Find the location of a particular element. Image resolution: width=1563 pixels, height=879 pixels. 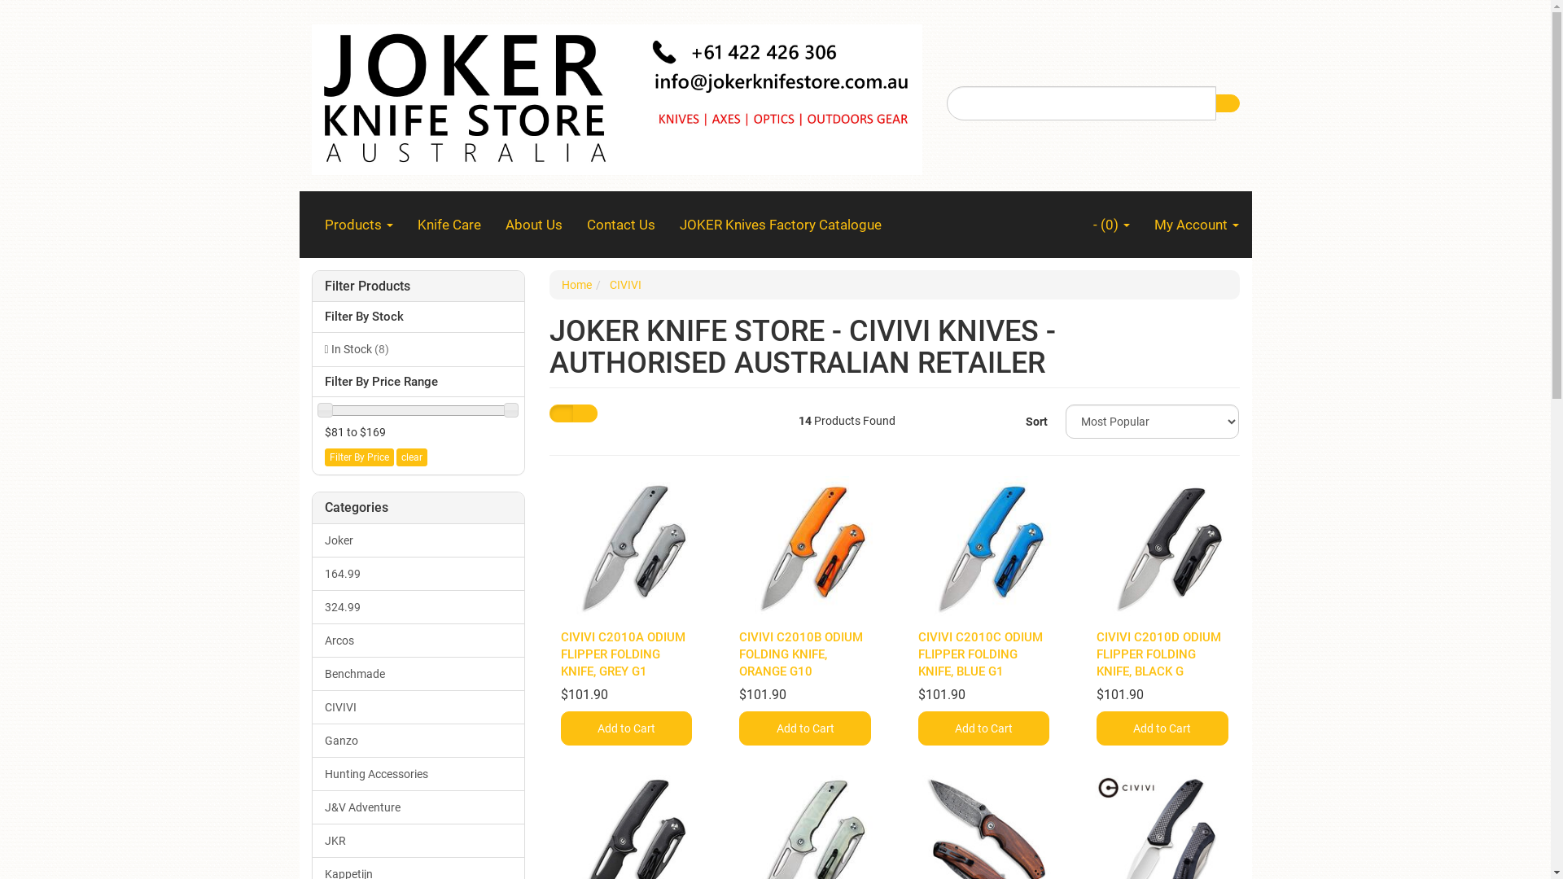

'Contact Us' is located at coordinates (620, 225).